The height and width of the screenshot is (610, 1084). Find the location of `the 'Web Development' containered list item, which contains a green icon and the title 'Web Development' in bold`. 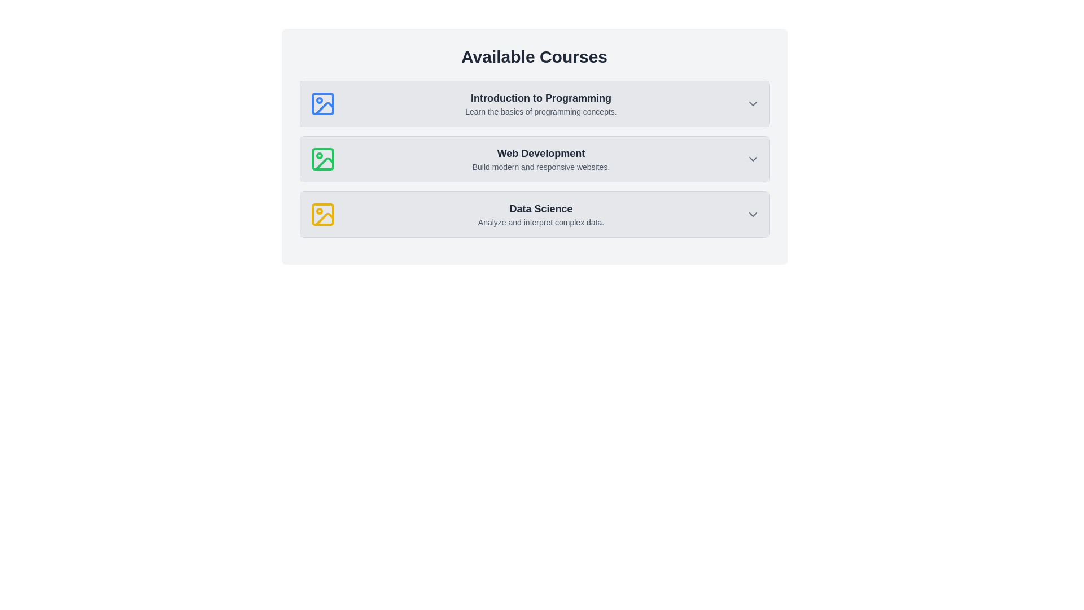

the 'Web Development' containered list item, which contains a green icon and the title 'Web Development' in bold is located at coordinates (534, 159).